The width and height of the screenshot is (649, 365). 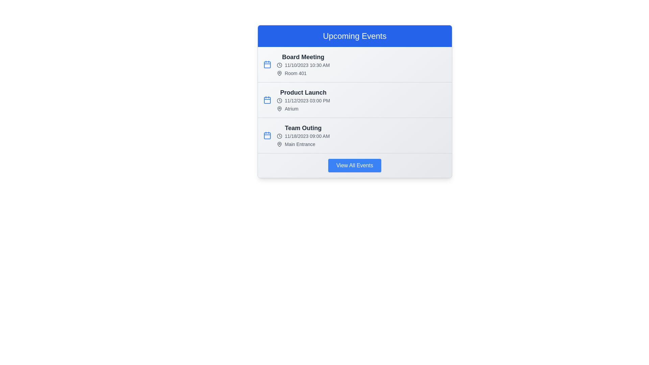 I want to click on the second event entry in the 'Upcoming Events' list, which is titled 'Product Launch' and includes the date '11/12/2023 03:00 PM' and location 'Atrium', so click(x=303, y=100).